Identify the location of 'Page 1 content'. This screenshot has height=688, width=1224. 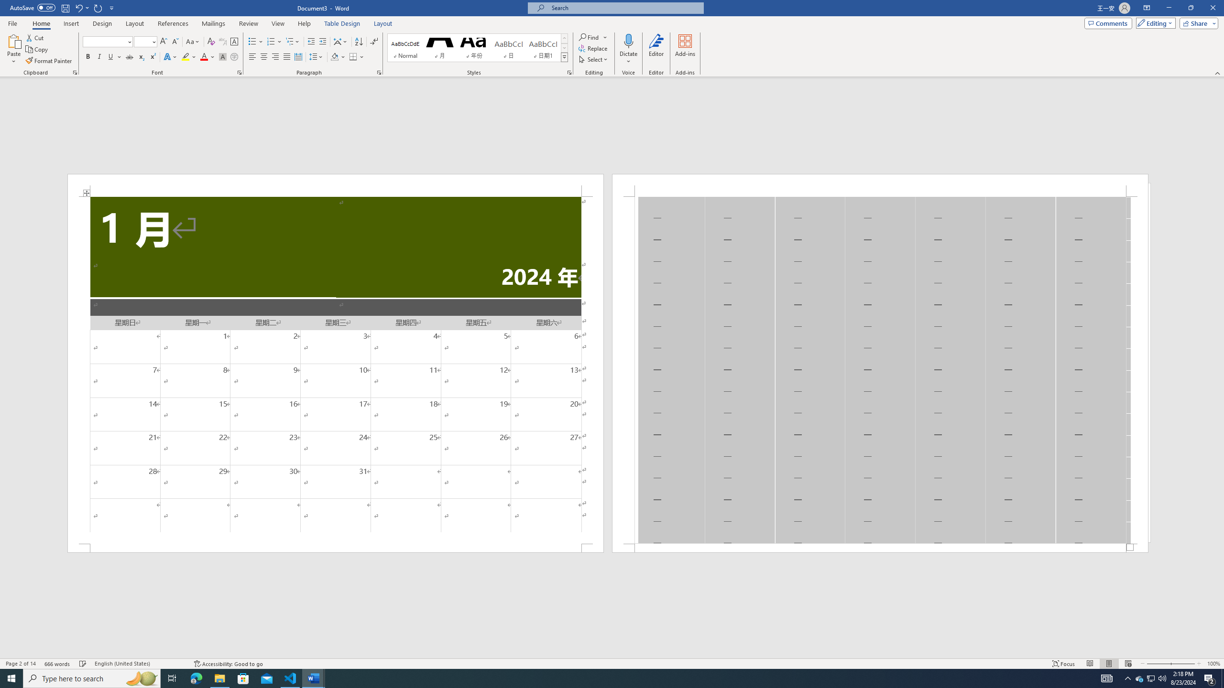
(335, 369).